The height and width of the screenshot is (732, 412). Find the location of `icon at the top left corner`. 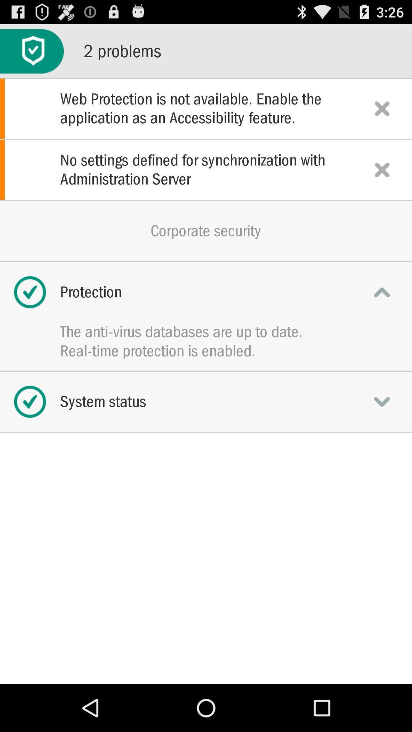

icon at the top left corner is located at coordinates (31, 51).